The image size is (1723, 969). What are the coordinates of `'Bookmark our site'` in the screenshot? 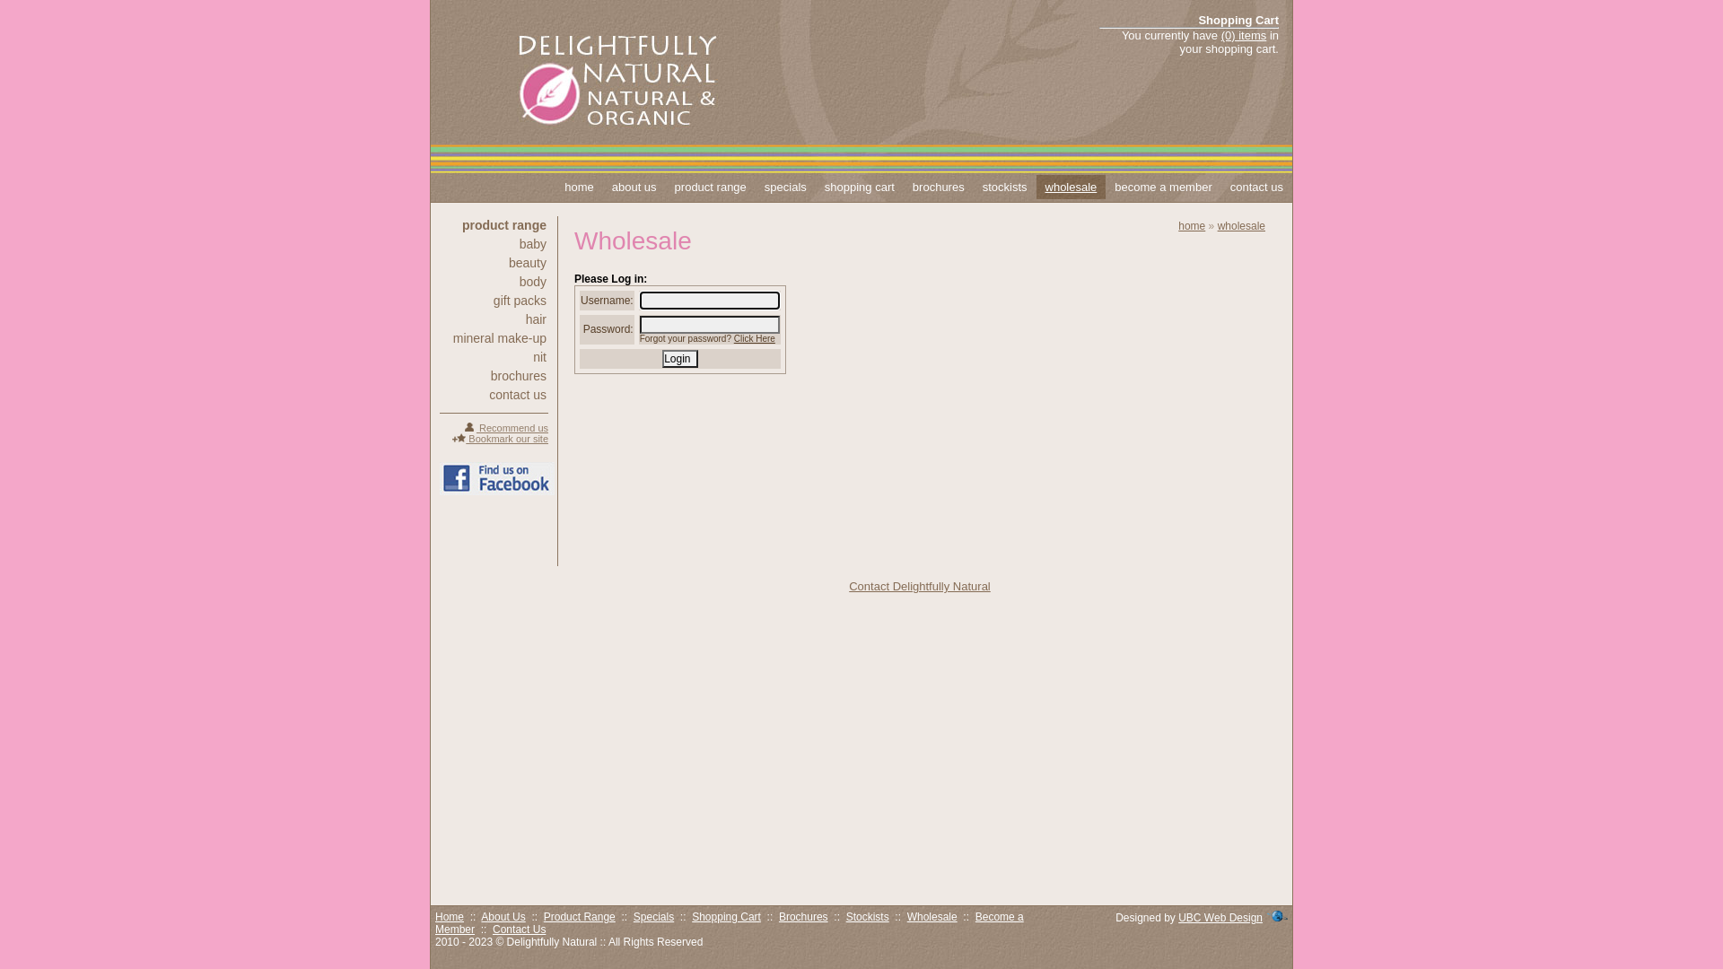 It's located at (500, 439).